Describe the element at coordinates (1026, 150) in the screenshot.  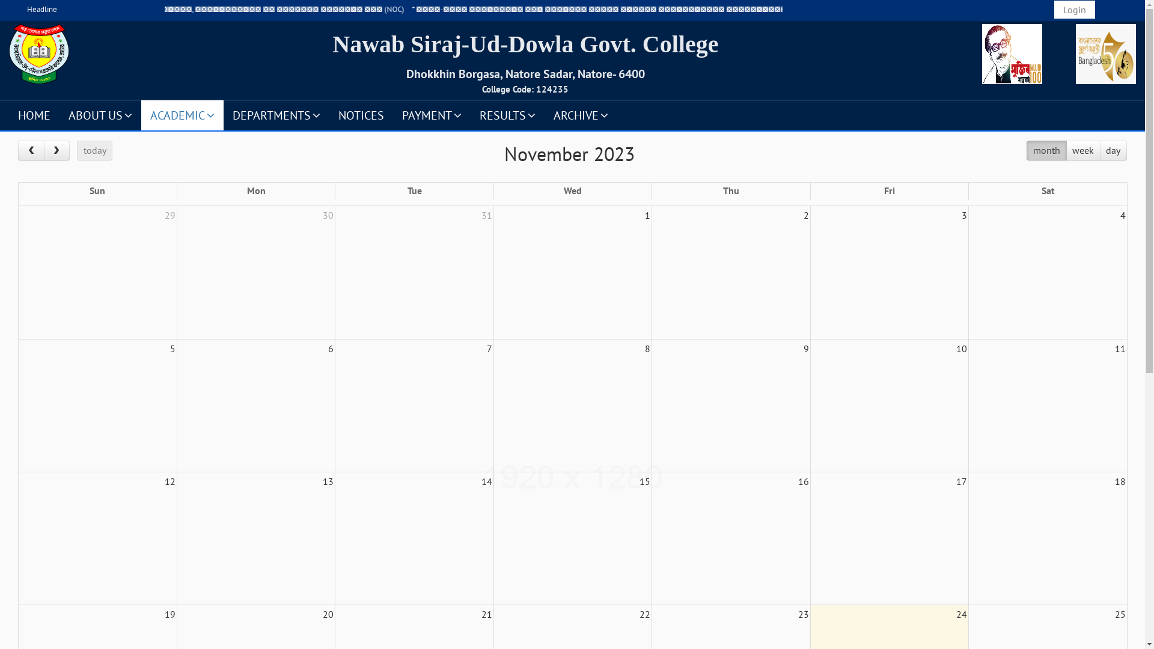
I see `'month'` at that location.